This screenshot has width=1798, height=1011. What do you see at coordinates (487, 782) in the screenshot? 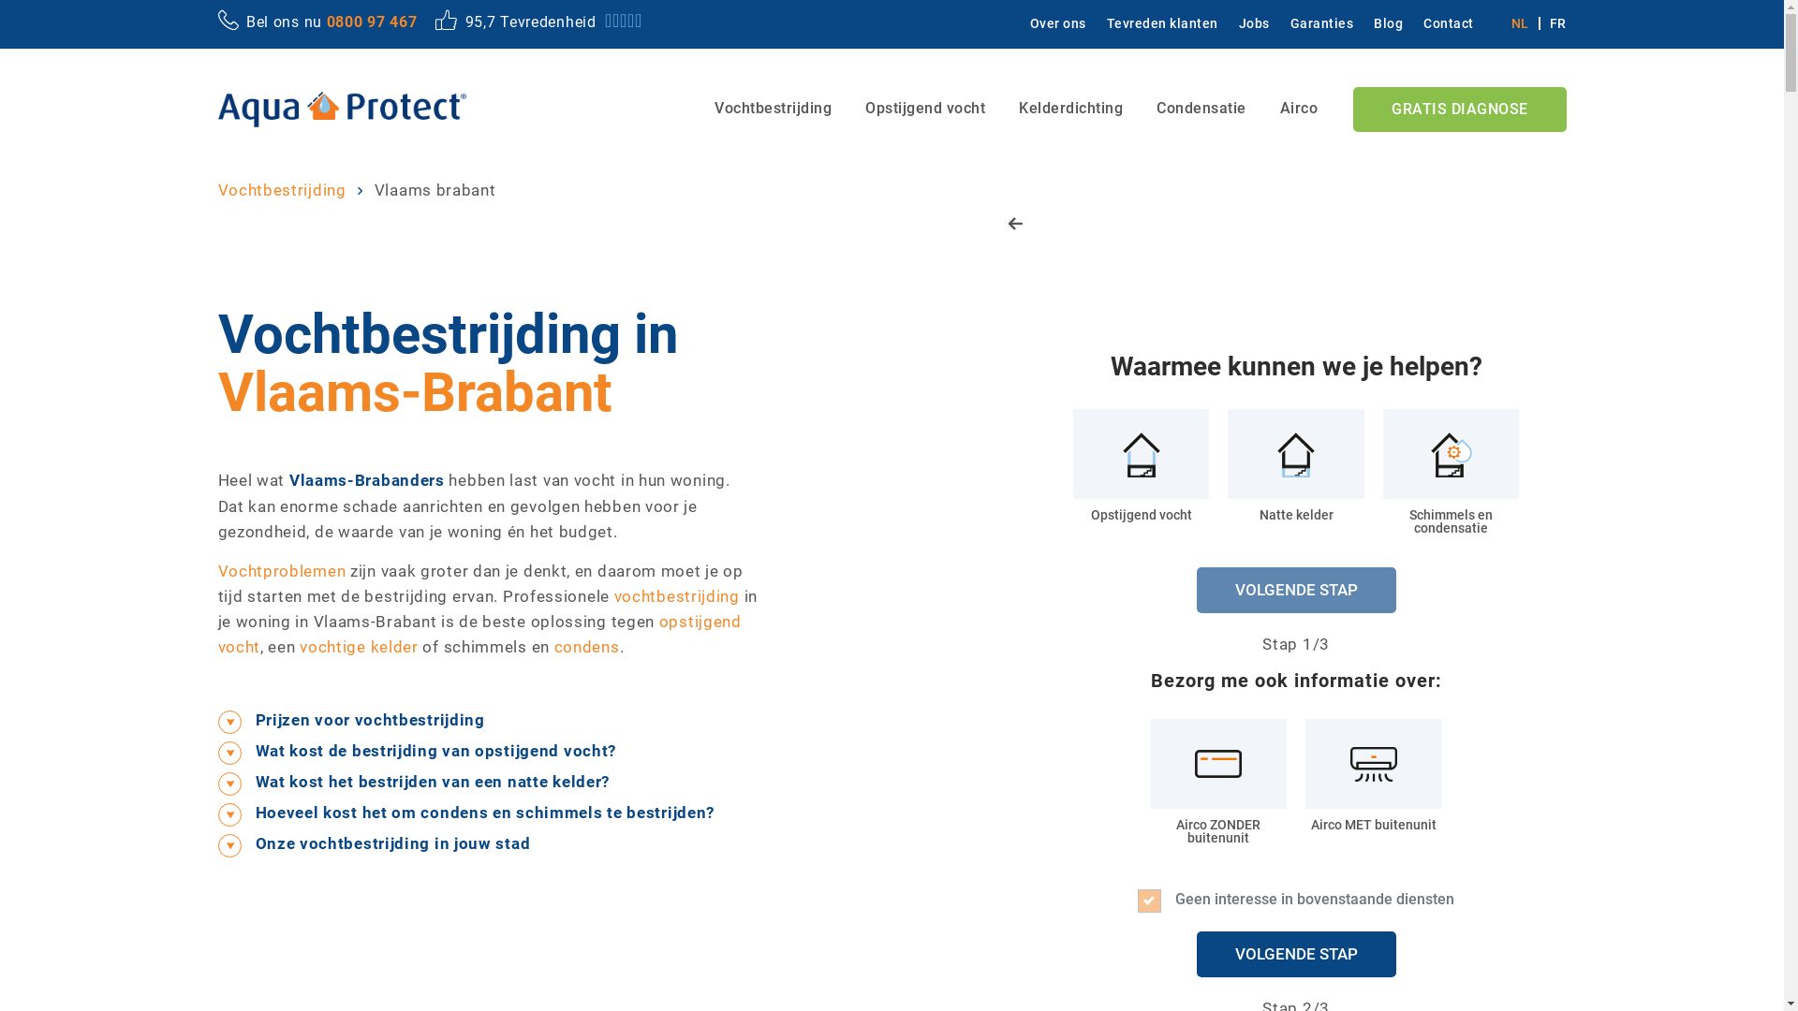
I see `'Wat kost het bestrijden van een natte kelder?'` at bounding box center [487, 782].